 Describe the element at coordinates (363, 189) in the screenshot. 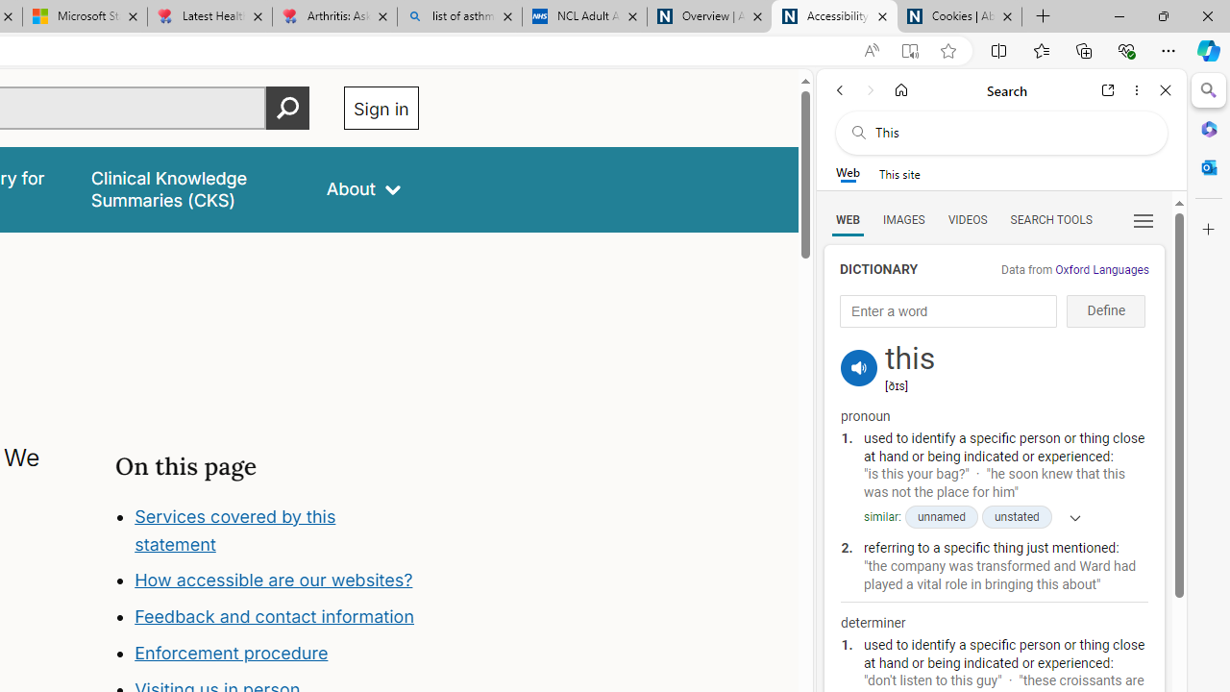

I see `'About'` at that location.